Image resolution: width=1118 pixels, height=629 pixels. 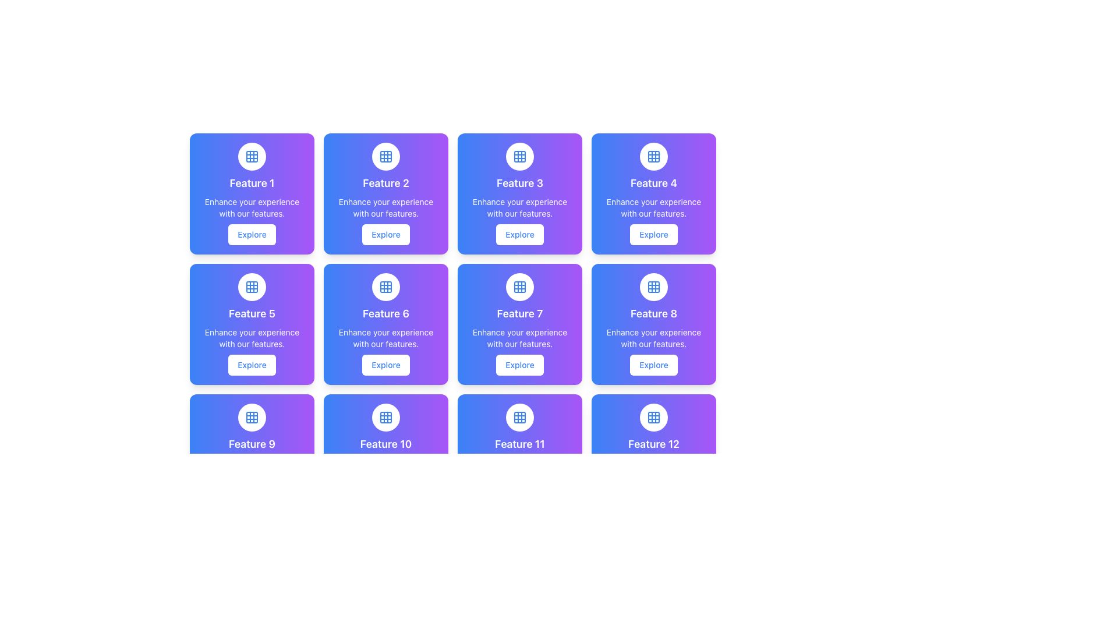 I want to click on title text located in the sixth card of a grid of 12 cards, positioned in the middle-right above the description text and the 'Explore' button, so click(x=385, y=313).